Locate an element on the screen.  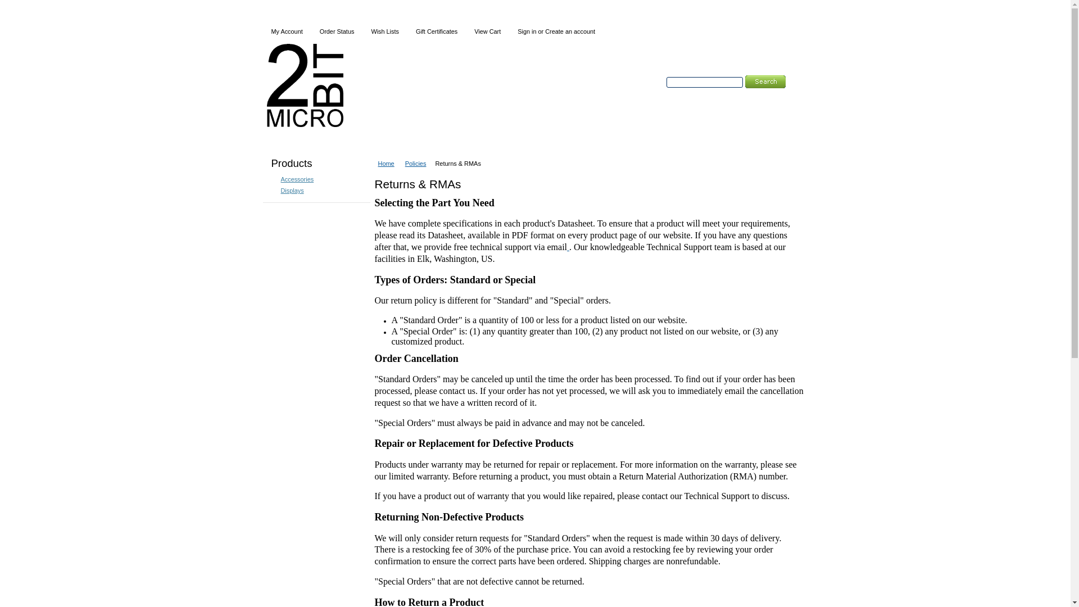
'Sign in' is located at coordinates (526, 31).